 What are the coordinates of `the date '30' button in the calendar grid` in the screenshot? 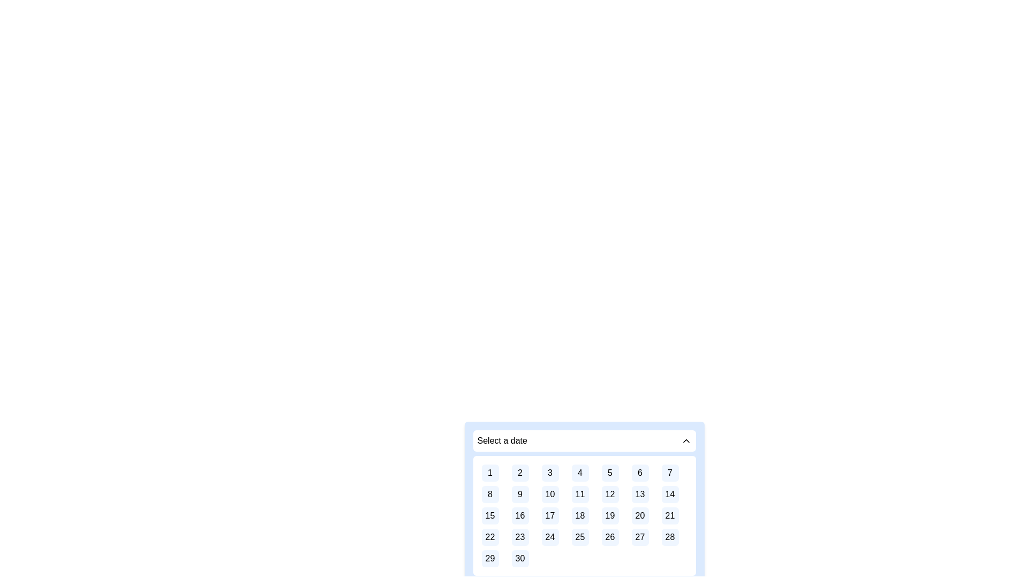 It's located at (520, 558).